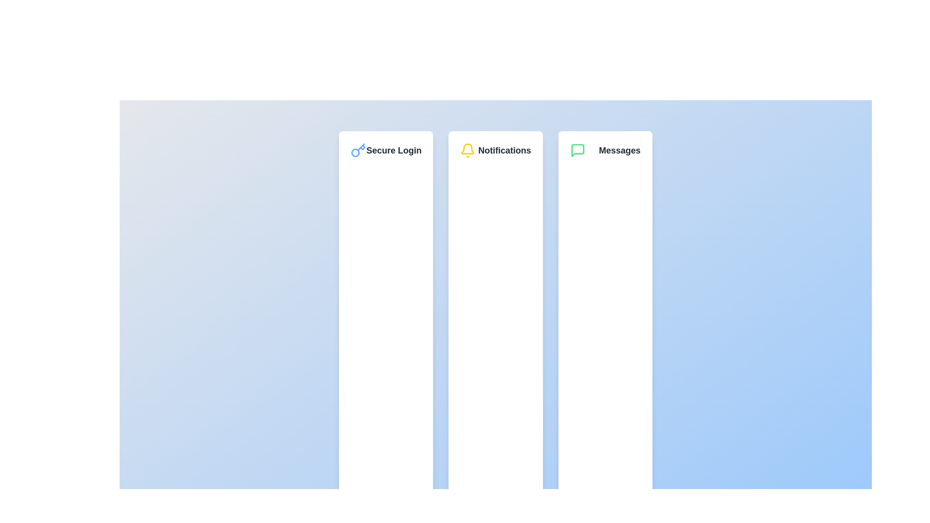  What do you see at coordinates (619, 151) in the screenshot?
I see `the text label displaying 'Messages', which is a bold grayish-black heading positioned on the right side of the interface, second in a group of three elements` at bounding box center [619, 151].